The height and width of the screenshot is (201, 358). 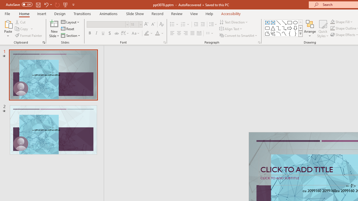 What do you see at coordinates (351, 186) in the screenshot?
I see `'TextBox 7'` at bounding box center [351, 186].